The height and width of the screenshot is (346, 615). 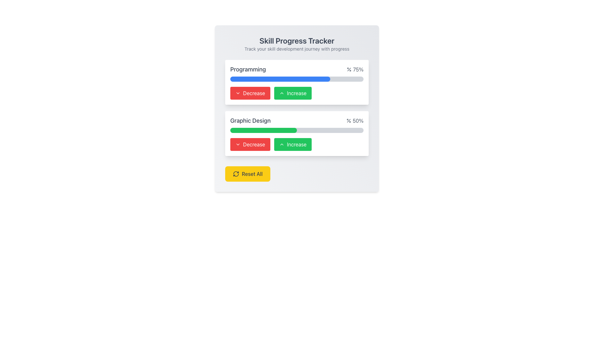 I want to click on the horizontal progress bar indicating 50% completion, located under the 'Graphic Design' header, so click(x=296, y=130).